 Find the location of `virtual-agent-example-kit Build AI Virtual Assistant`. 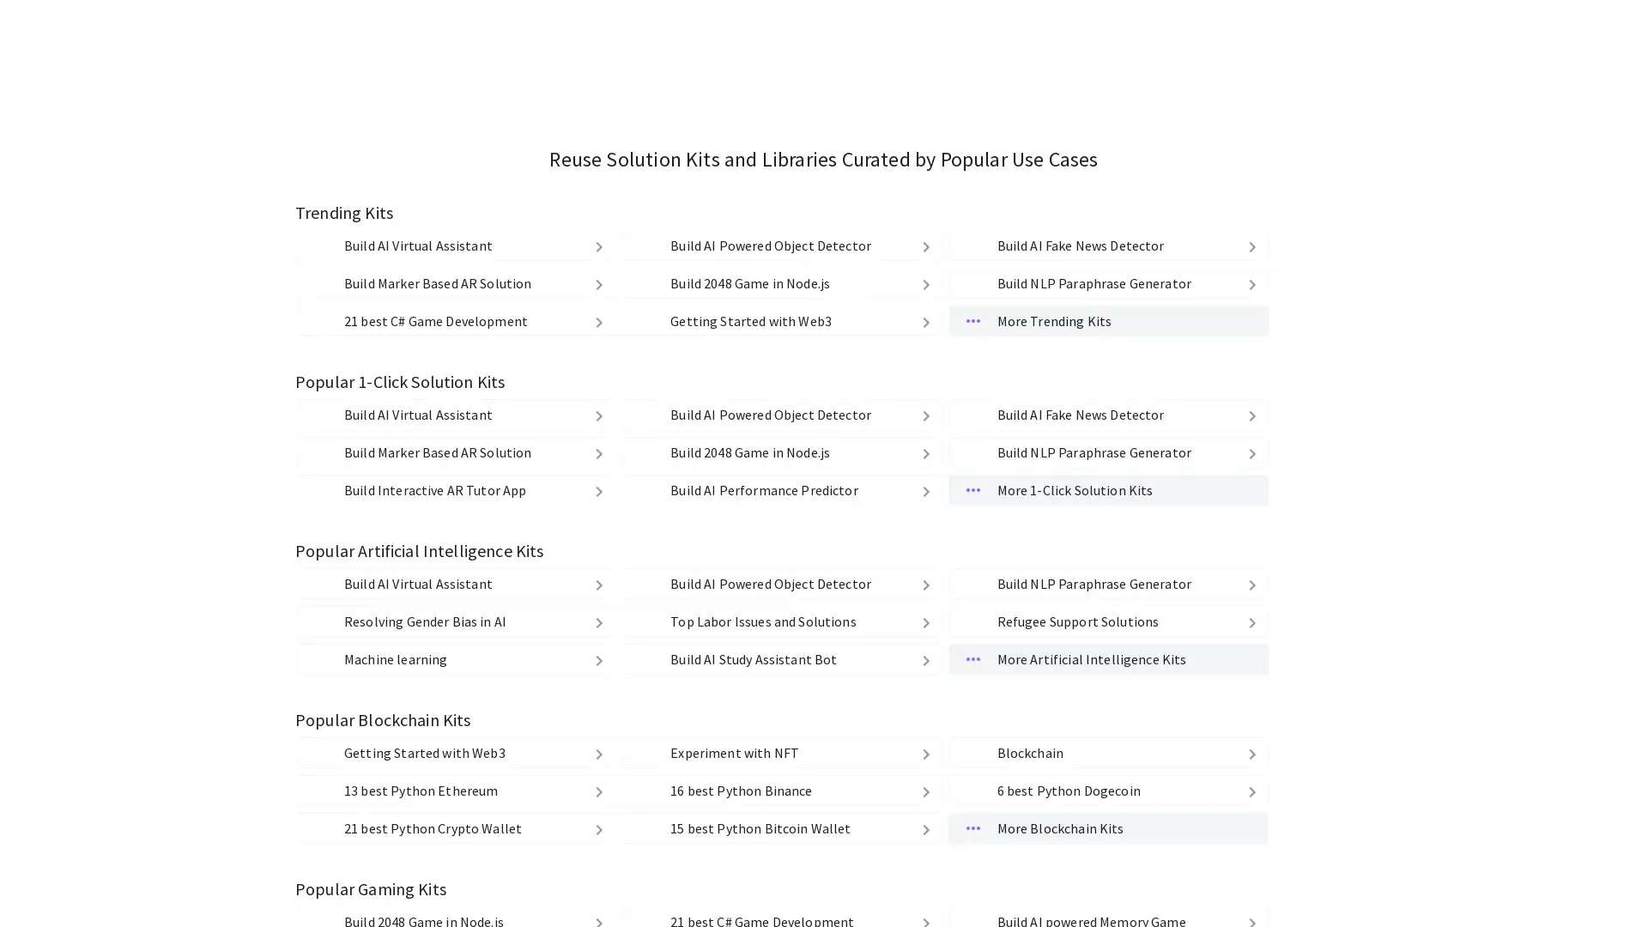

virtual-agent-example-kit Build AI Virtual Assistant is located at coordinates (455, 675).